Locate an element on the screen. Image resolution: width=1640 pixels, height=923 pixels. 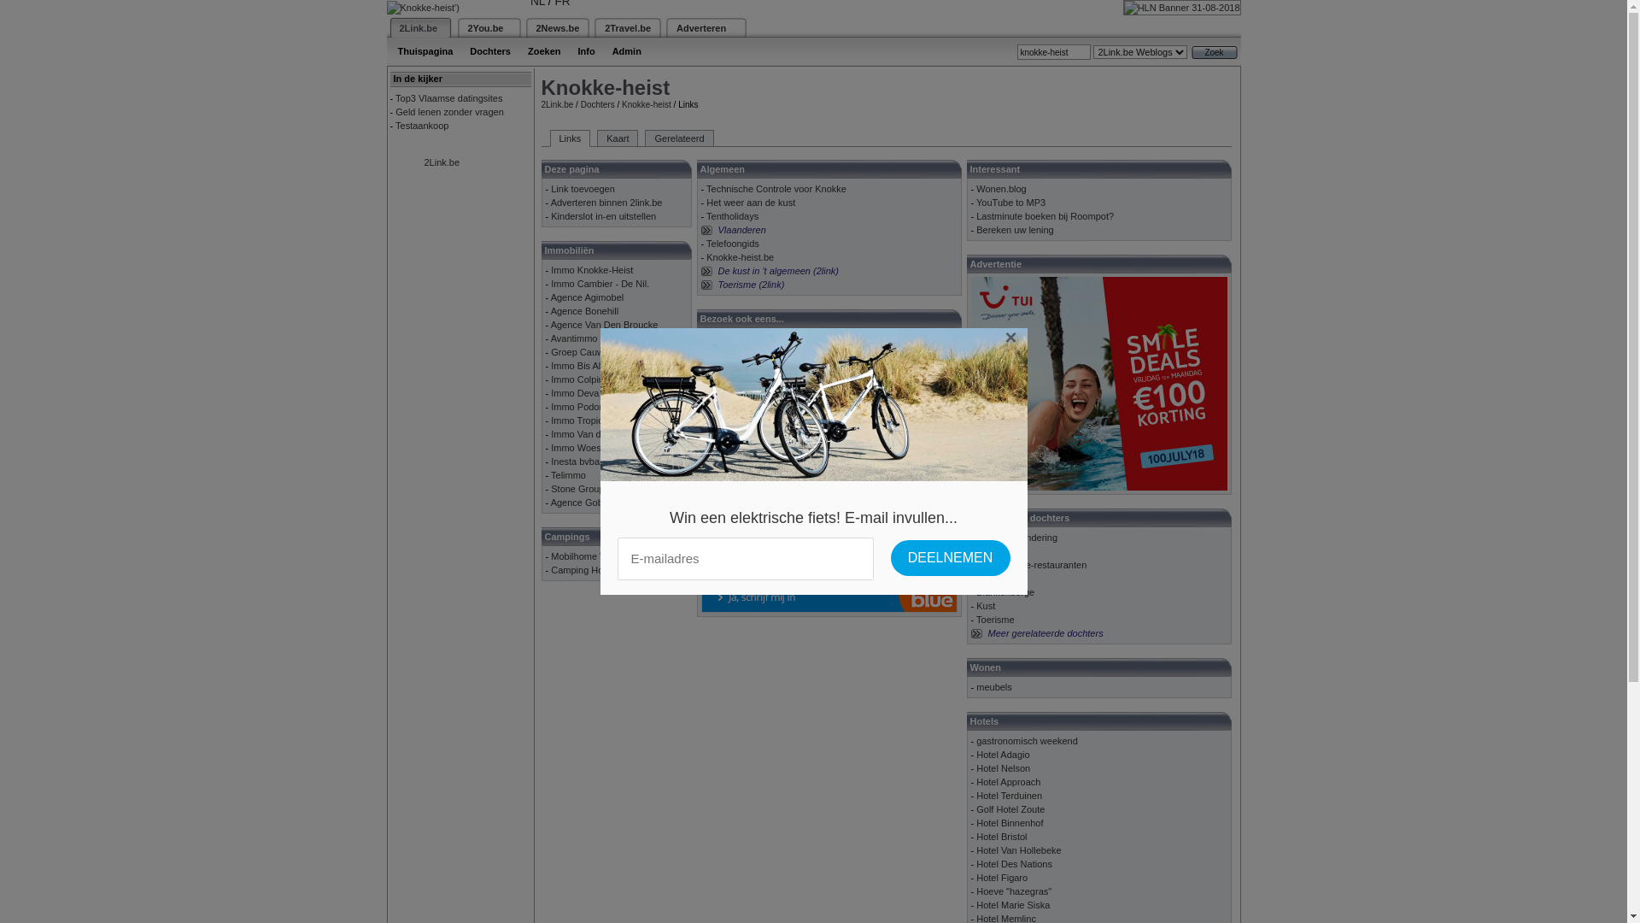
'Golf Hotel Zoute' is located at coordinates (1010, 808).